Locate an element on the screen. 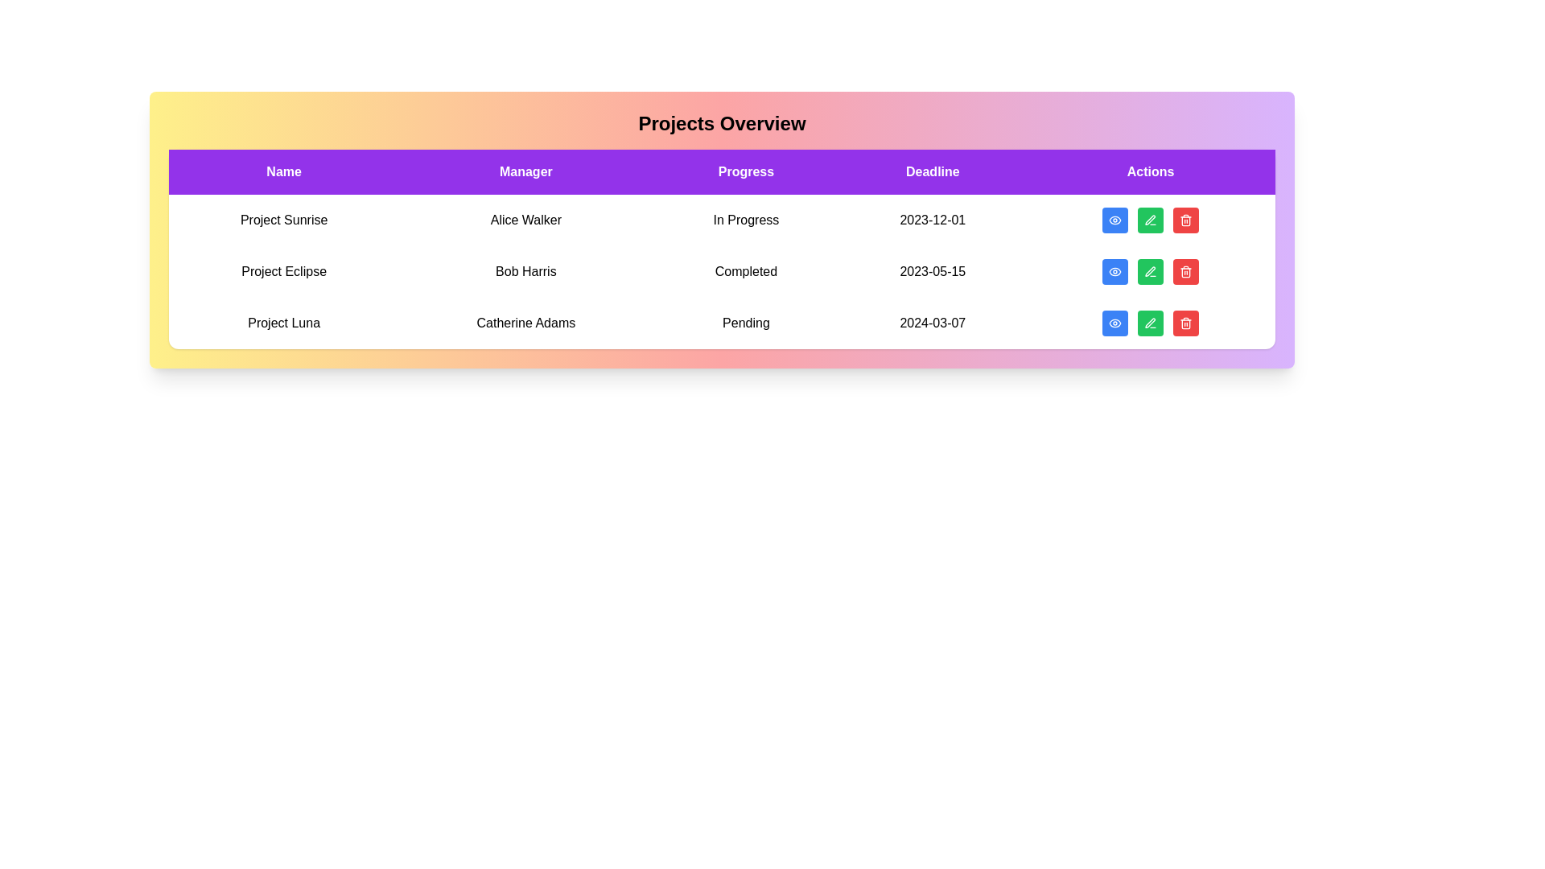 This screenshot has width=1545, height=869. edit button for the project identified by Project Luna is located at coordinates (1150, 323).